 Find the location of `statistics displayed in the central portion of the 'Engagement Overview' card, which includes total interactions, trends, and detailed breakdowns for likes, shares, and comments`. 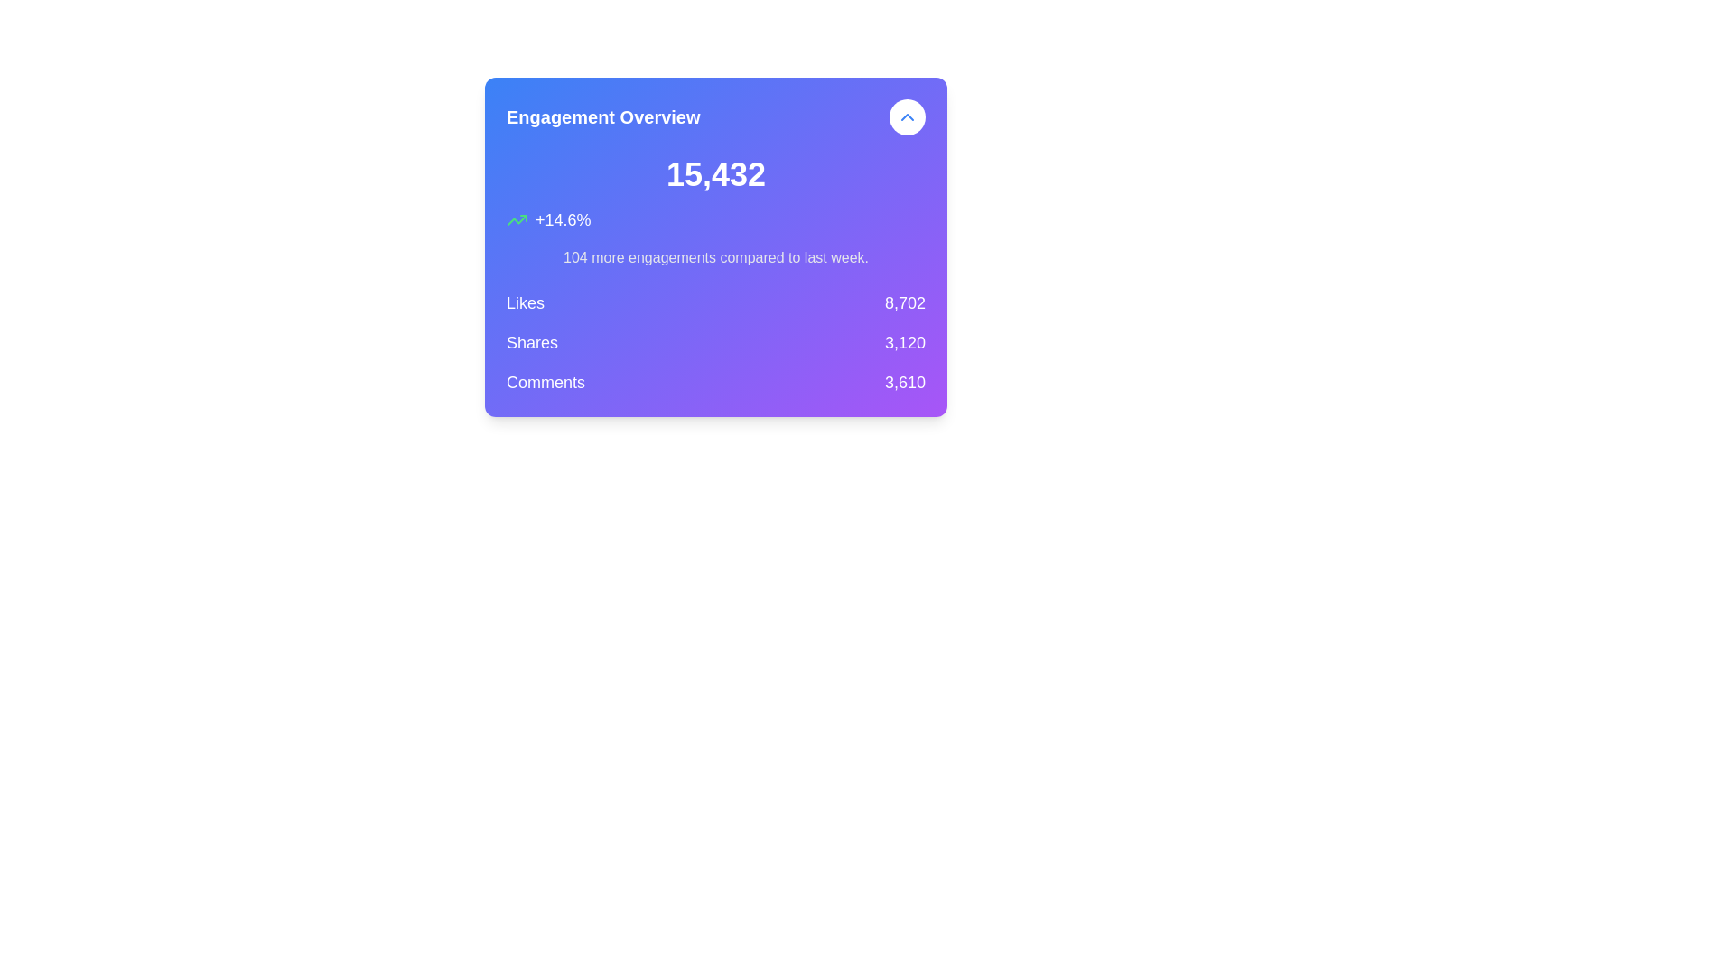

statistics displayed in the central portion of the 'Engagement Overview' card, which includes total interactions, trends, and detailed breakdowns for likes, shares, and comments is located at coordinates (714, 275).